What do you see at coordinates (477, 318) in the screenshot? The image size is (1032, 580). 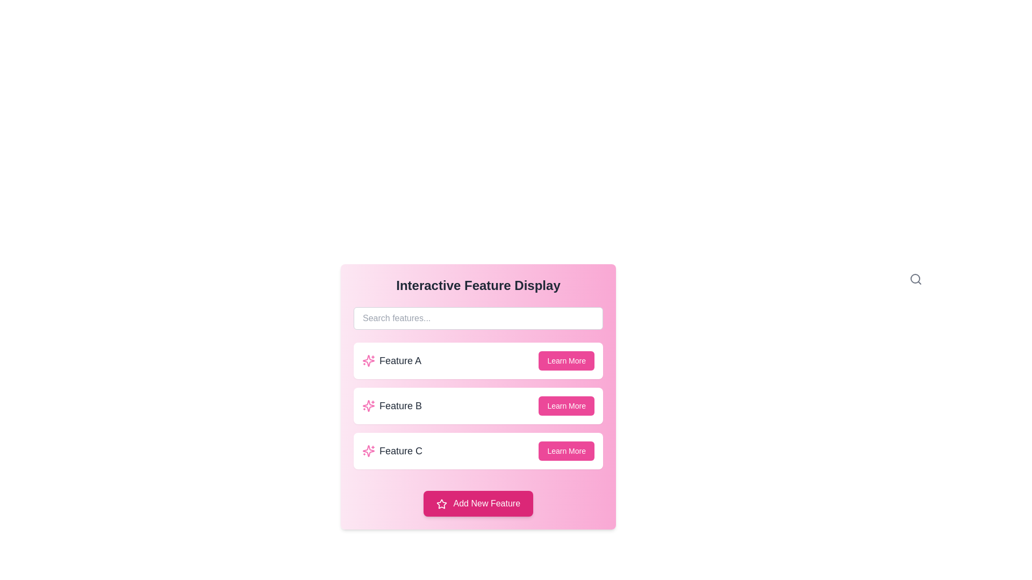 I see `the search input field located beneath the title 'Interactive Feature Display' to focus on it` at bounding box center [477, 318].